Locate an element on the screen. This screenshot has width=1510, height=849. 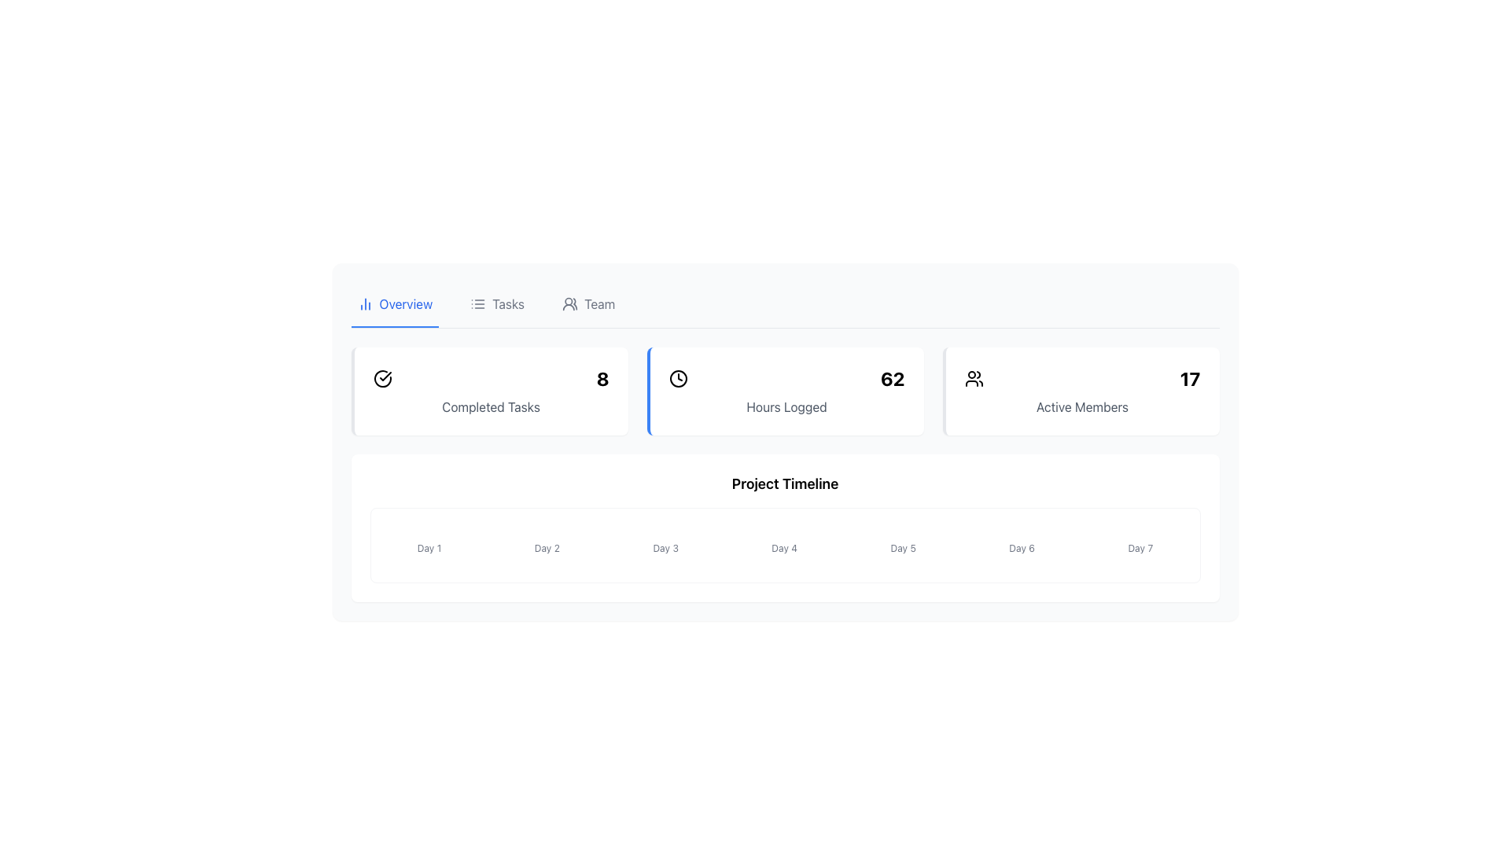
the time tracking icon located to the left of the text '62' in the 'Hours Logged' section of the second card is located at coordinates (678, 379).